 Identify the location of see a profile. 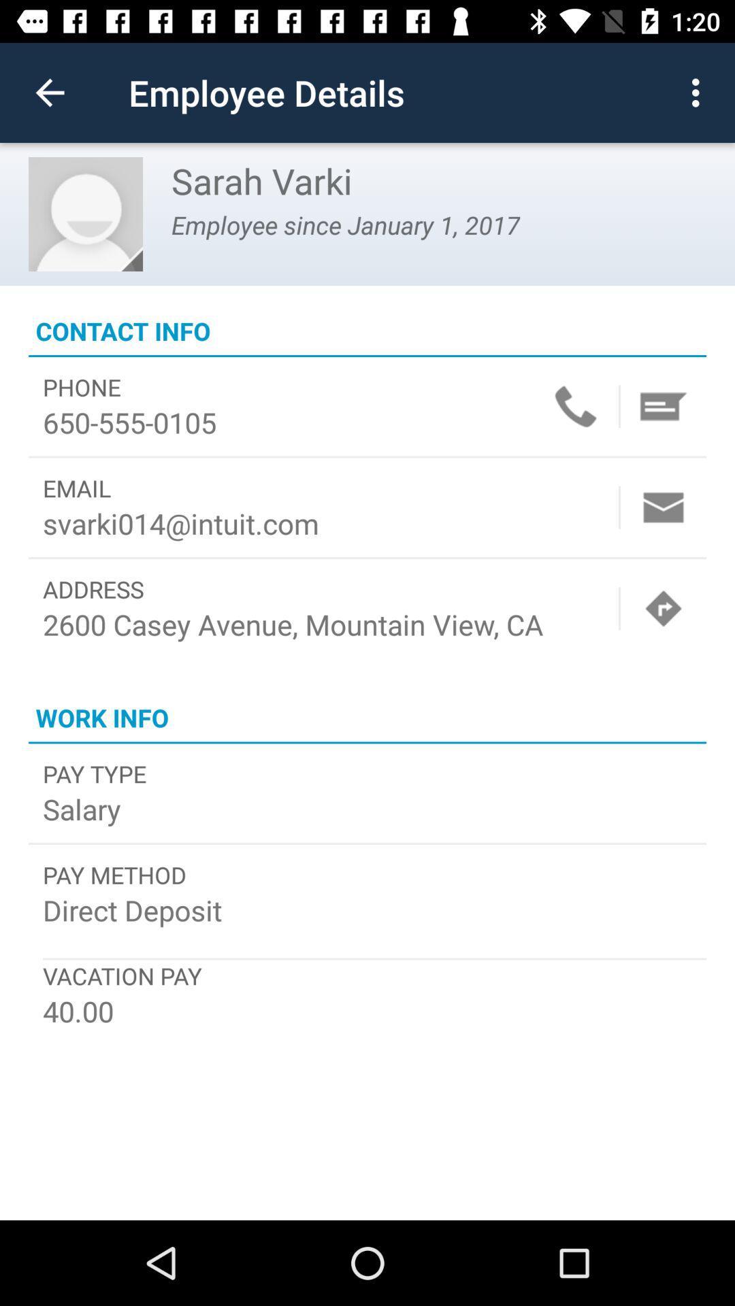
(86, 214).